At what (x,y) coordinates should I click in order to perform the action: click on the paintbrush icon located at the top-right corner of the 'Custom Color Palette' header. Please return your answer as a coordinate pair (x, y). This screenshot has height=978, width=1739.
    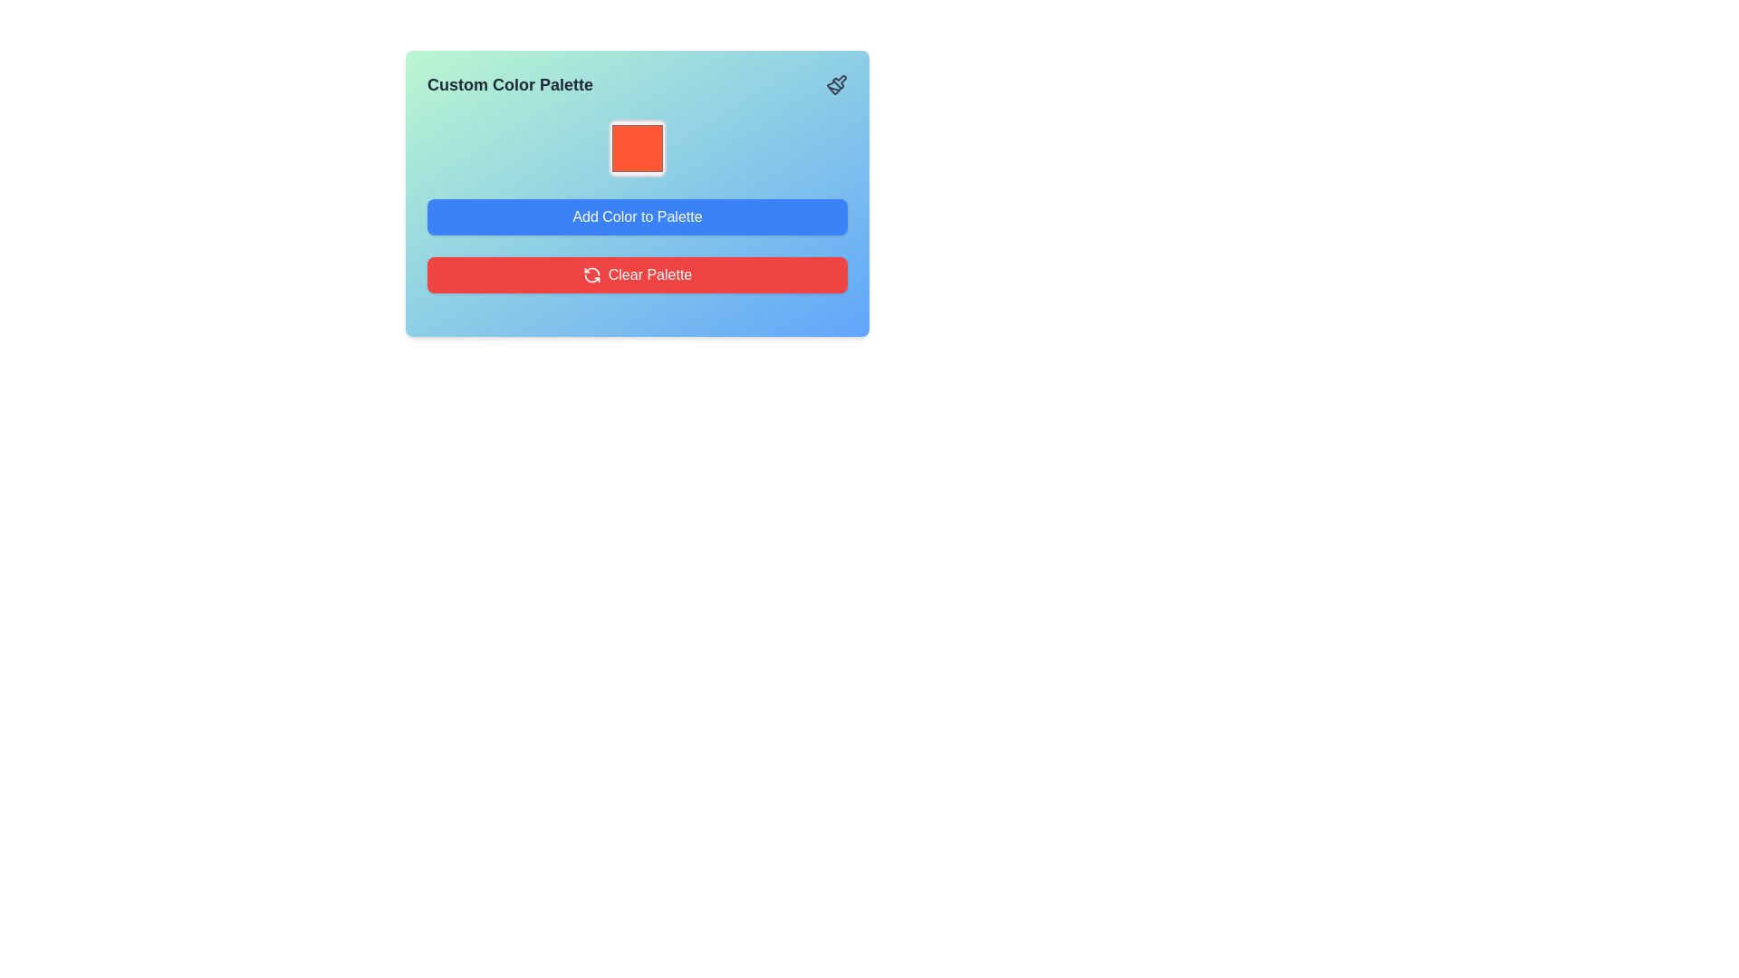
    Looking at the image, I should click on (836, 84).